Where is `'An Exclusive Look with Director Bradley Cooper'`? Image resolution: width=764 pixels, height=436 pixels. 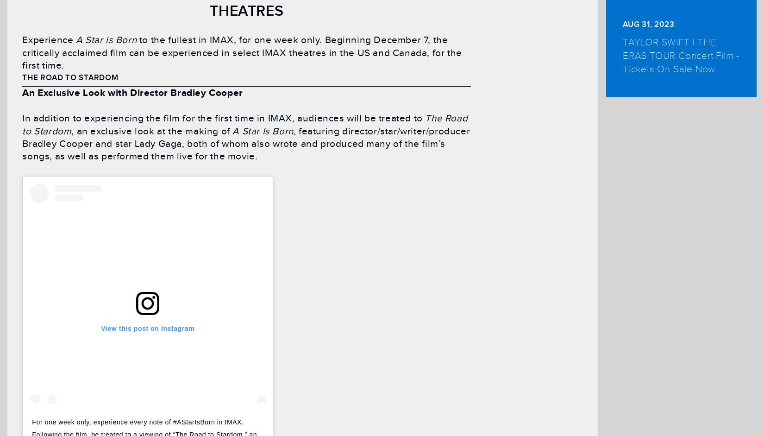 'An Exclusive Look with Director Bradley Cooper' is located at coordinates (132, 93).